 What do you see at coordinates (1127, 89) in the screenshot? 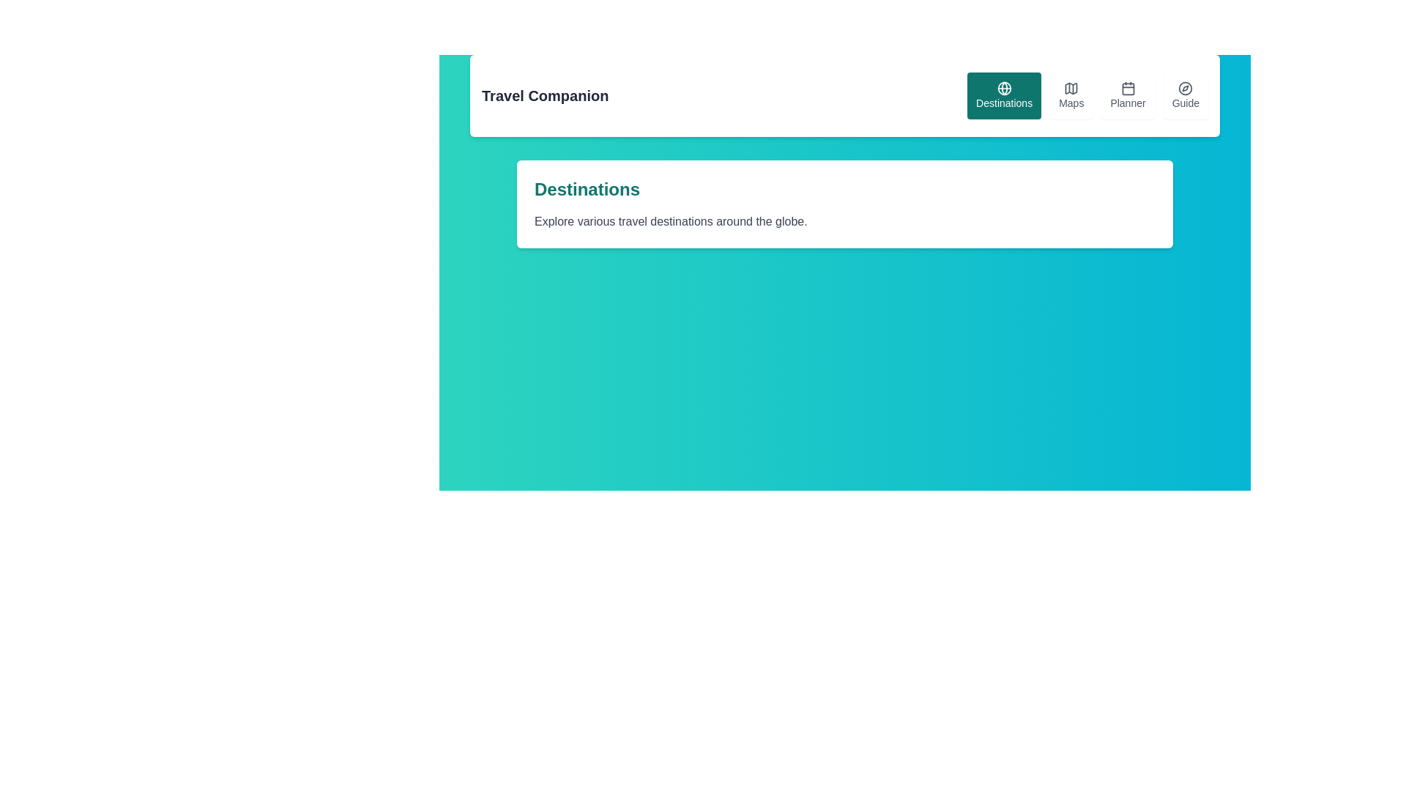
I see `the decorative calendar icon component located at the center of the calendar icon in the horizontal menu` at bounding box center [1127, 89].